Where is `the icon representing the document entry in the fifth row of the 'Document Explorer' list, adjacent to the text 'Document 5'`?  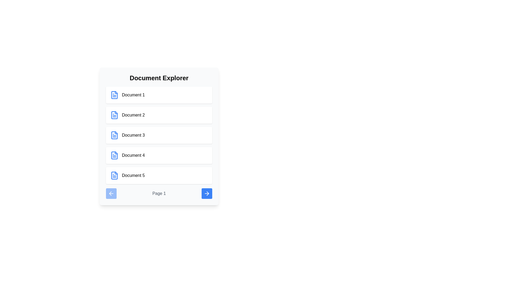 the icon representing the document entry in the fifth row of the 'Document Explorer' list, adjacent to the text 'Document 5' is located at coordinates (114, 176).